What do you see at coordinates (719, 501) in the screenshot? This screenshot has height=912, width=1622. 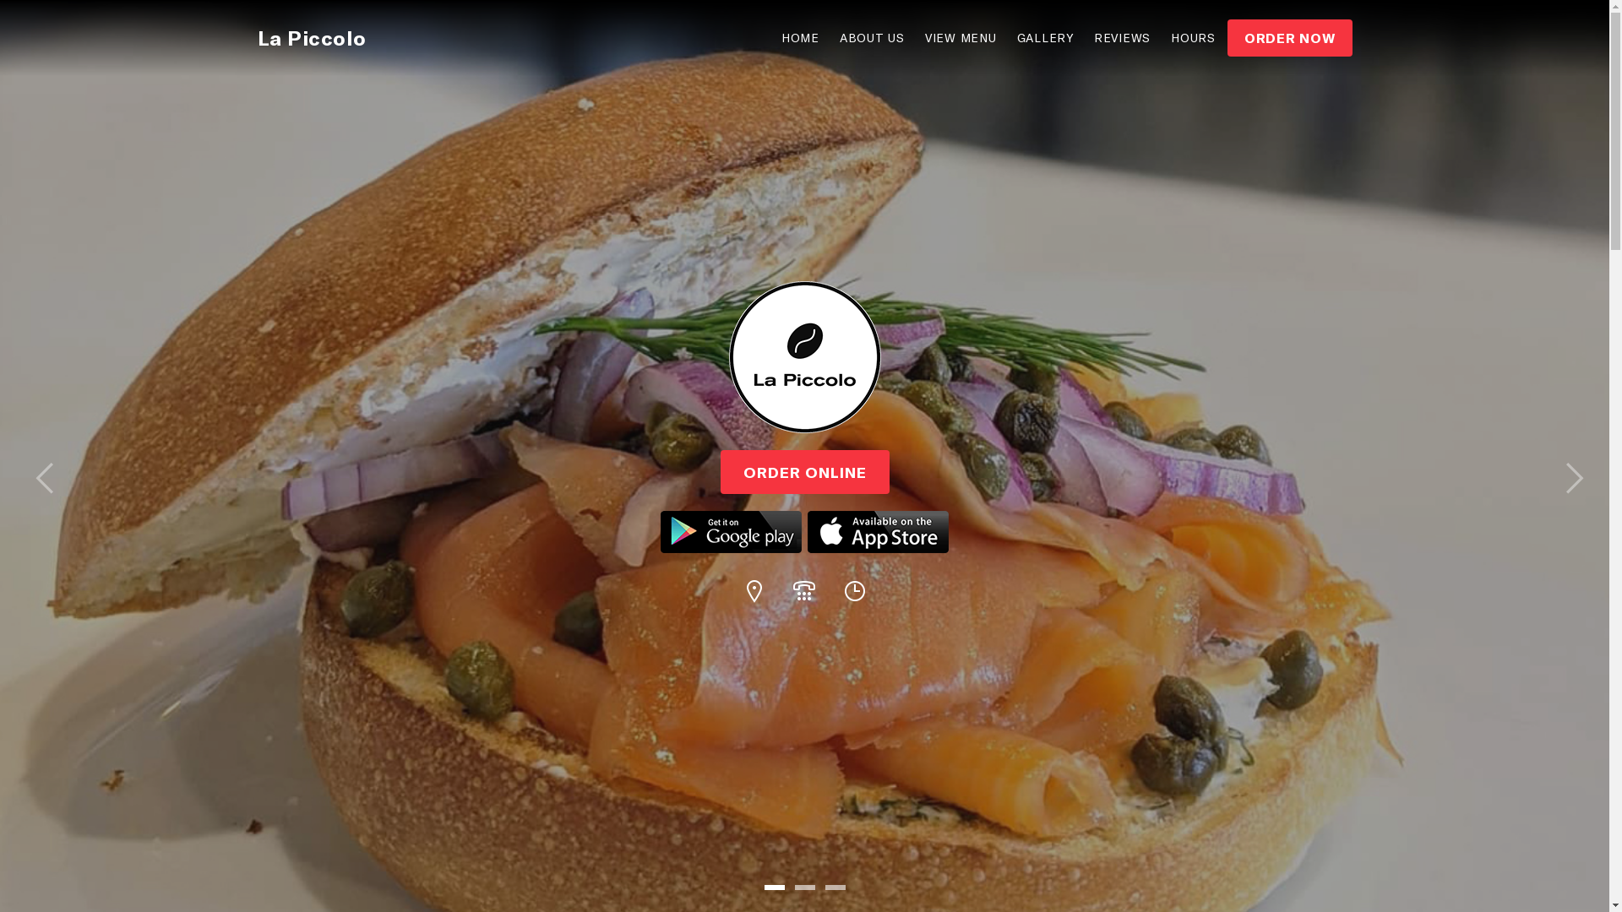 I see `'ORDER ONLINE'` at bounding box center [719, 501].